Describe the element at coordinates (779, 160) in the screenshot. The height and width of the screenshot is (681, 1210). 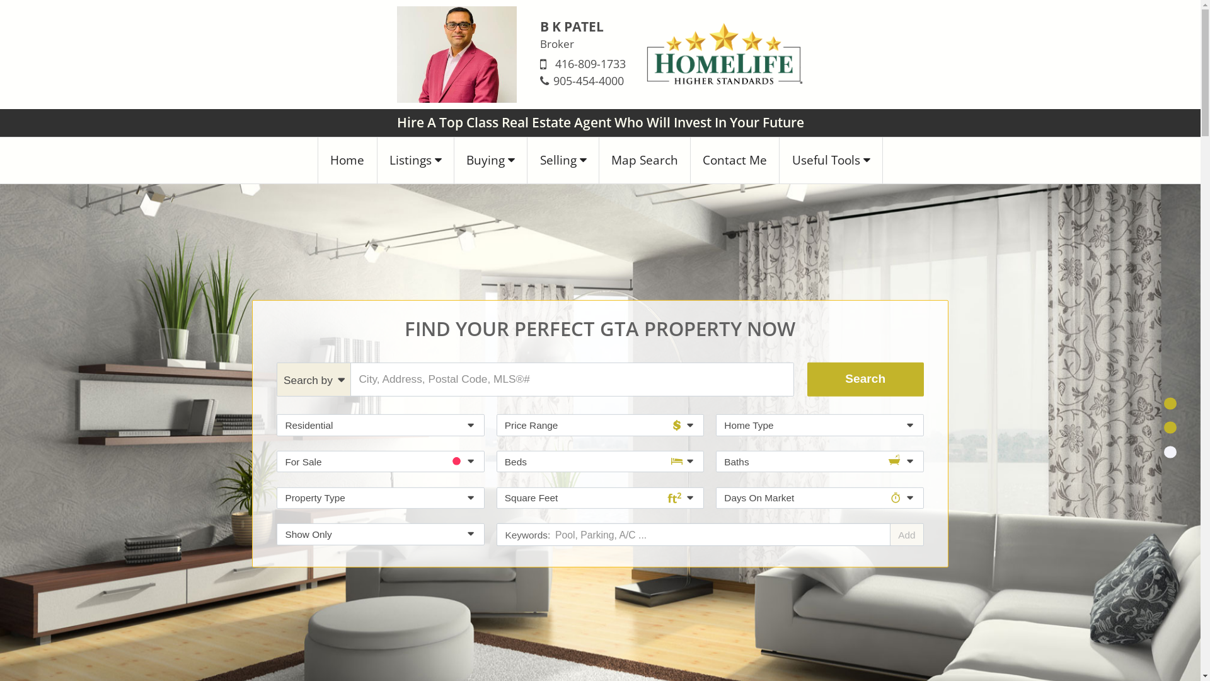
I see `'Useful Tools'` at that location.